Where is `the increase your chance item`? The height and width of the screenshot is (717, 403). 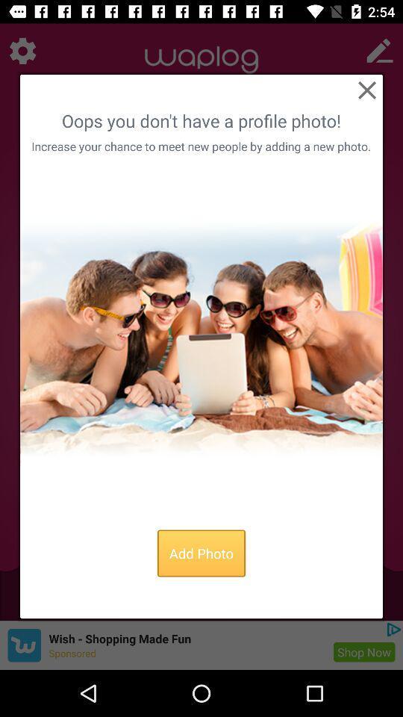
the increase your chance item is located at coordinates (201, 146).